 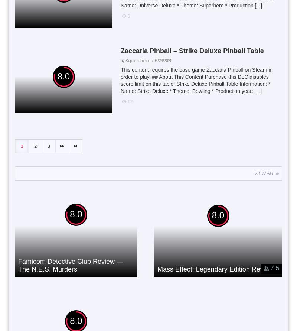 I want to click on 'Zaccaria Pinball – Strike Deluxe Pinball Table', so click(x=120, y=50).